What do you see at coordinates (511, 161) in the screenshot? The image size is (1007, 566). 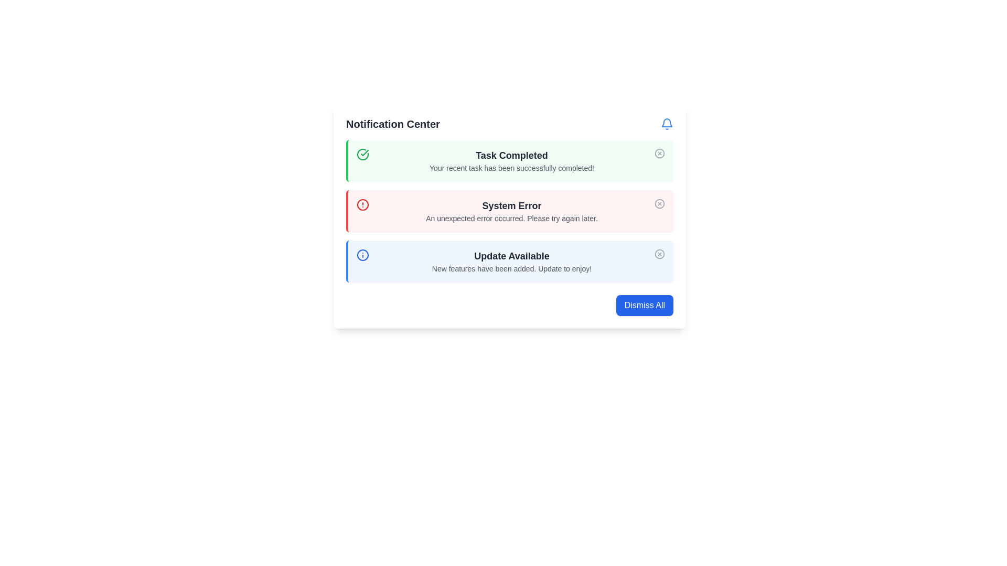 I see `the informational text block that displays 'Task Completed' and 'Your recent task has been successfully completed!' on a green background, located in the Notification Center` at bounding box center [511, 161].